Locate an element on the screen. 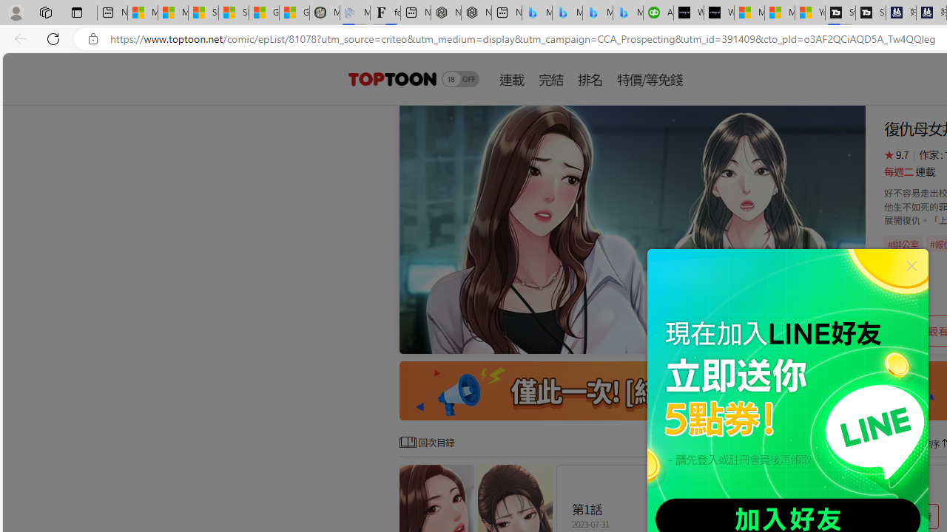  'Microsoft Bing Travel - Shangri-La Hotel Bangkok' is located at coordinates (628, 13).